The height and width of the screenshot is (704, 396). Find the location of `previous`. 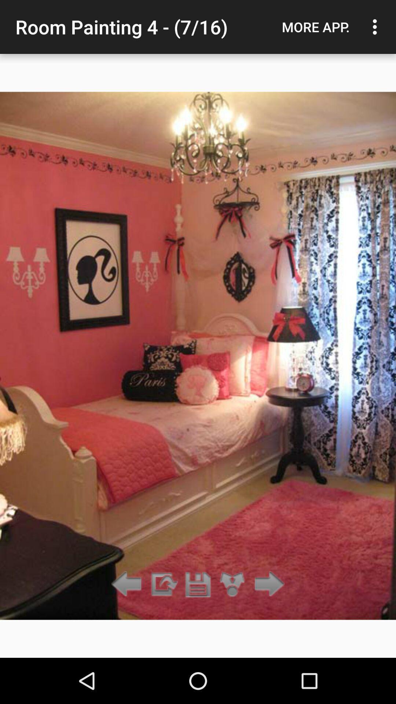

previous is located at coordinates (128, 584).